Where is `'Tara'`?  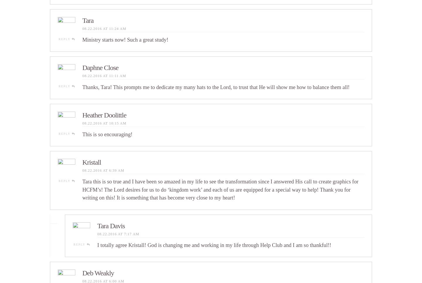 'Tara' is located at coordinates (82, 20).